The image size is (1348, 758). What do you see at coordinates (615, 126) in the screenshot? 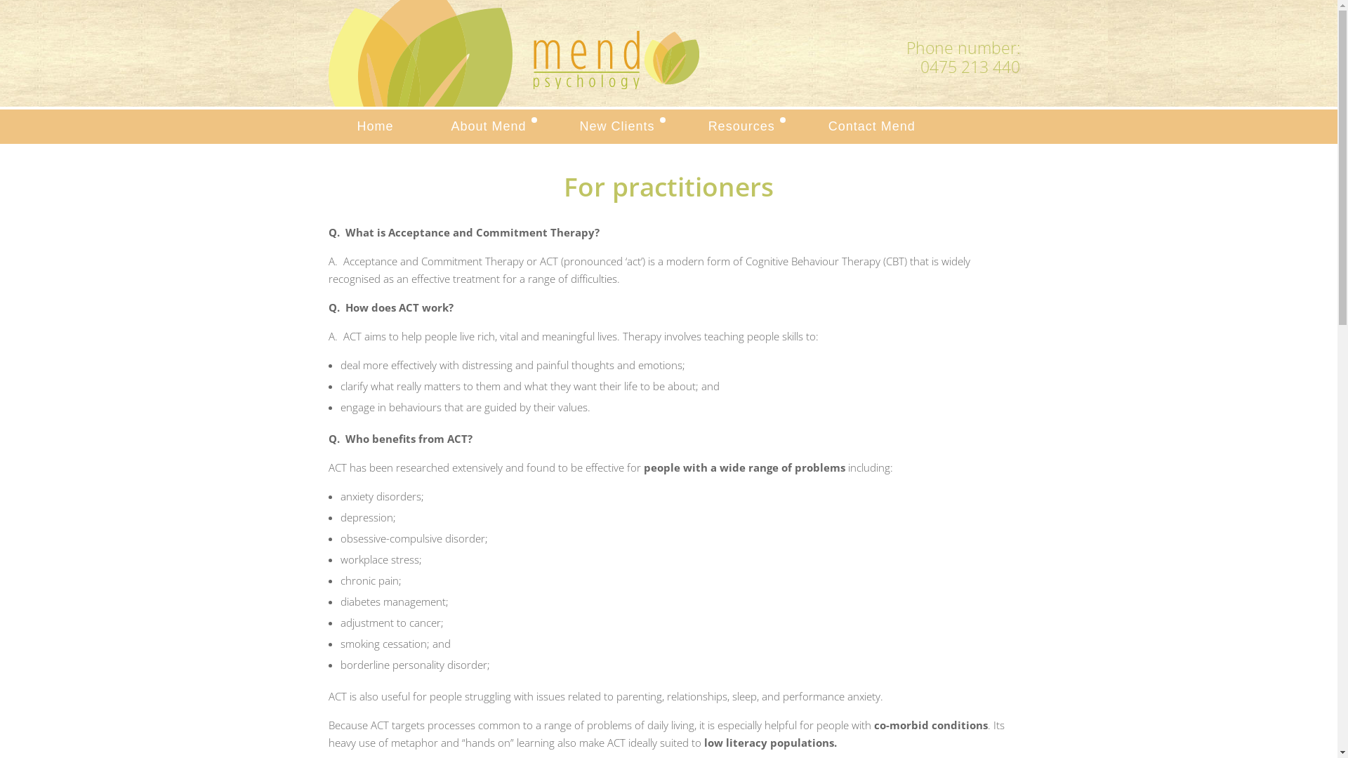
I see `'New Clients'` at bounding box center [615, 126].